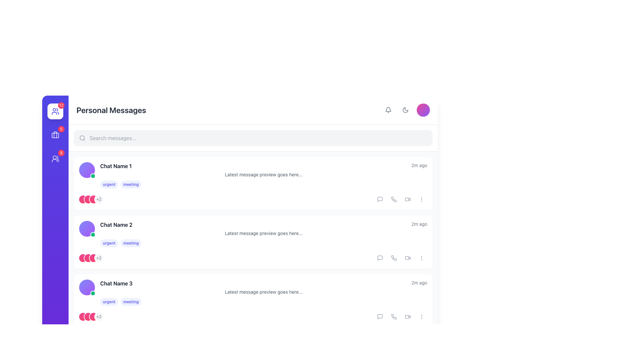  What do you see at coordinates (93, 293) in the screenshot?
I see `the online status indicator located at the bottom-right corner of the profile image for 'Chat Name 3' in the chat list` at bounding box center [93, 293].